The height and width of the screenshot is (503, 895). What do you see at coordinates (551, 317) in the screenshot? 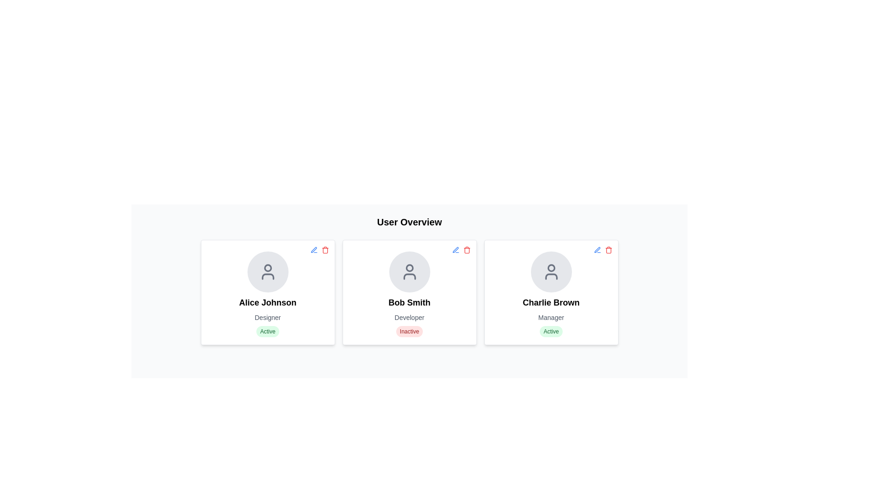
I see `the 'Manager' text label in Charlie Brown's profile card` at bounding box center [551, 317].